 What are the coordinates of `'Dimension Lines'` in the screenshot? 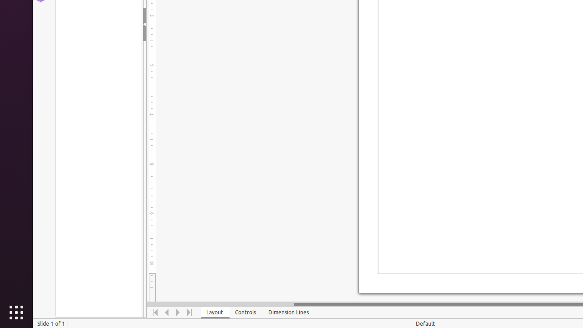 It's located at (288, 312).